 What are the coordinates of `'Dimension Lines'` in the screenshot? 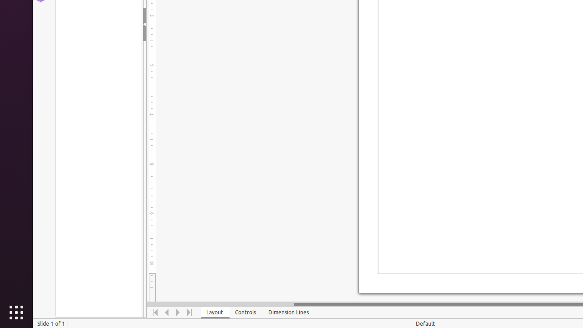 It's located at (288, 312).